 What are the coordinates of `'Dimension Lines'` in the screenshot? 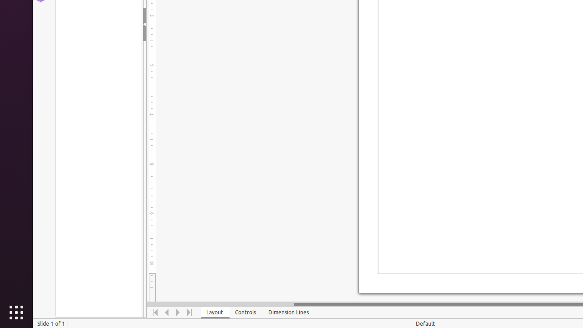 It's located at (288, 312).